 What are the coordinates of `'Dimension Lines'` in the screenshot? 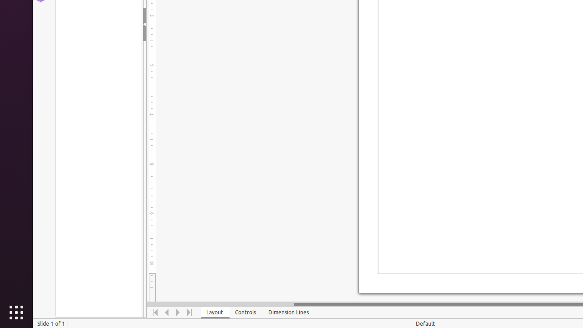 It's located at (288, 312).